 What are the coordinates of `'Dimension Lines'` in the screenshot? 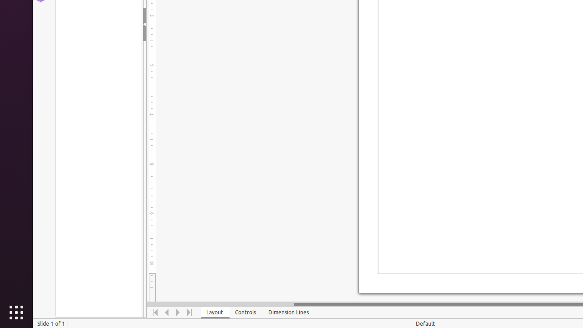 It's located at (288, 312).